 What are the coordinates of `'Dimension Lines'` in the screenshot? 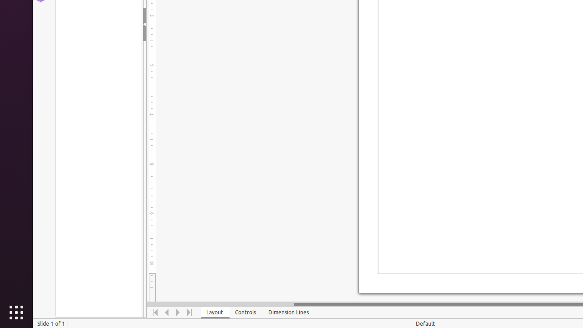 It's located at (288, 312).